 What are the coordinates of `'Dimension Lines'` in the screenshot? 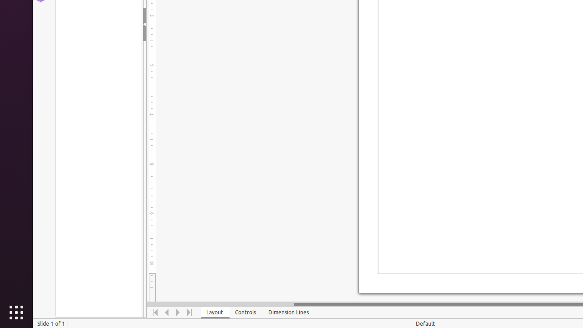 It's located at (288, 312).